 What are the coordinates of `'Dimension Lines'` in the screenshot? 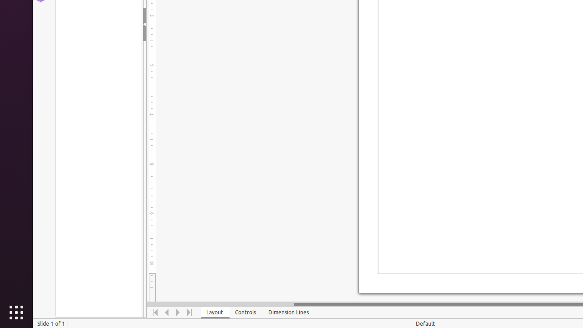 It's located at (288, 312).